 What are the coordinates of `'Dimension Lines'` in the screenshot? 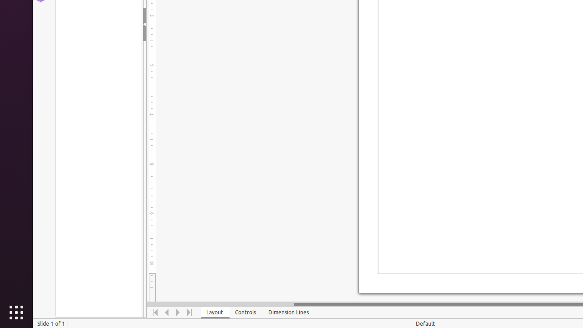 It's located at (288, 312).